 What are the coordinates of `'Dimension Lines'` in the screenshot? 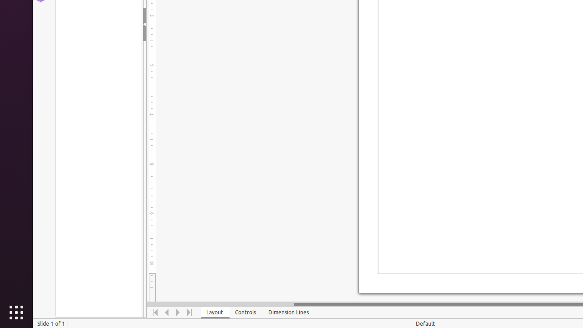 It's located at (288, 312).